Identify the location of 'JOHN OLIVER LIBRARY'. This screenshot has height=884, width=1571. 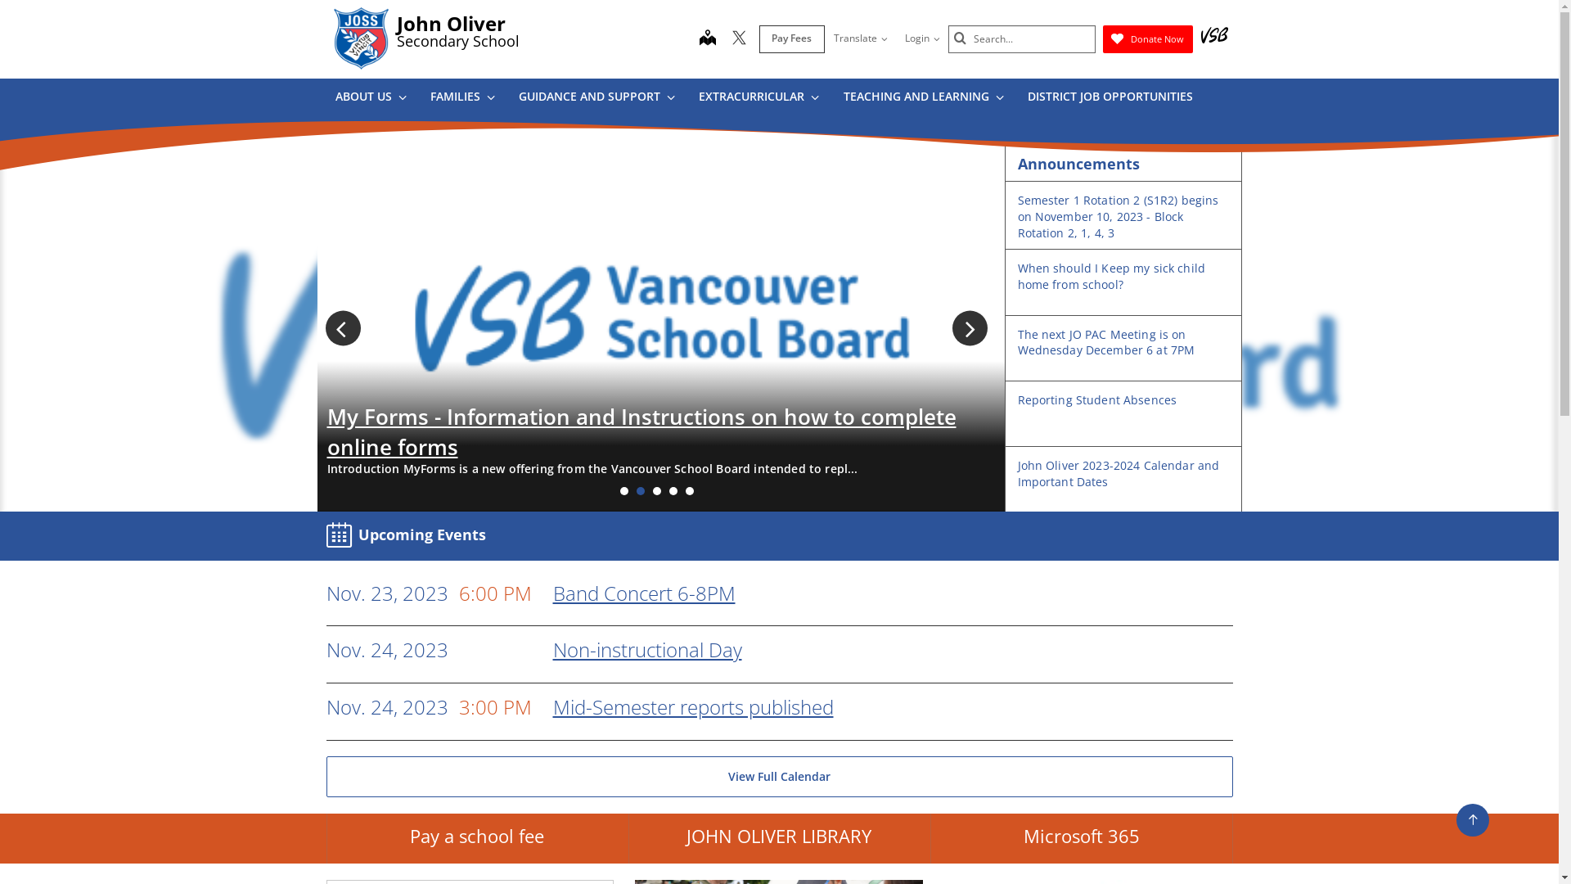
(778, 839).